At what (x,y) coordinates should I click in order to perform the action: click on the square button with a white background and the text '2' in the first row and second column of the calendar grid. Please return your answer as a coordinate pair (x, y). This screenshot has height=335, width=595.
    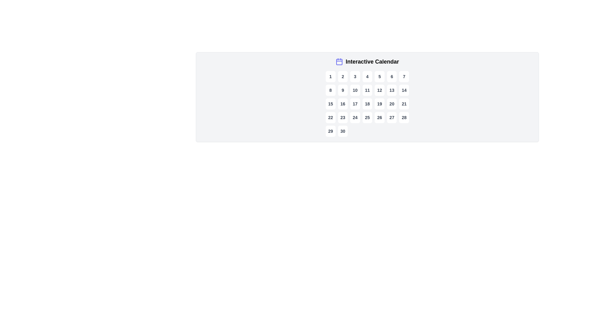
    Looking at the image, I should click on (342, 76).